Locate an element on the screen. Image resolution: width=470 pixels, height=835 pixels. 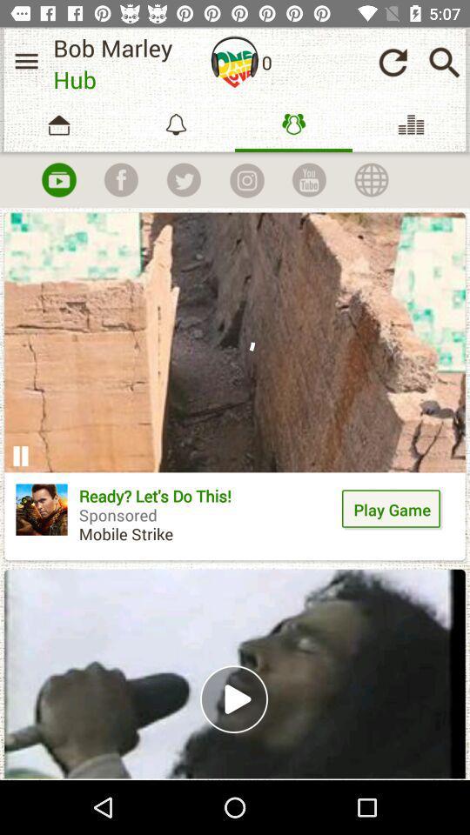
home page is located at coordinates (235, 62).